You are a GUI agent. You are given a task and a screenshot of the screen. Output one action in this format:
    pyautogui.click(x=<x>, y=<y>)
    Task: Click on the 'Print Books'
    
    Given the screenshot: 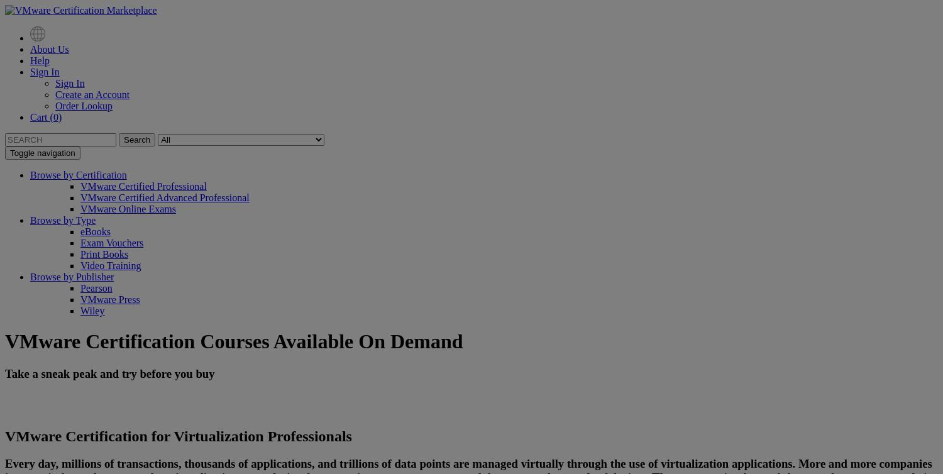 What is the action you would take?
    pyautogui.click(x=80, y=254)
    